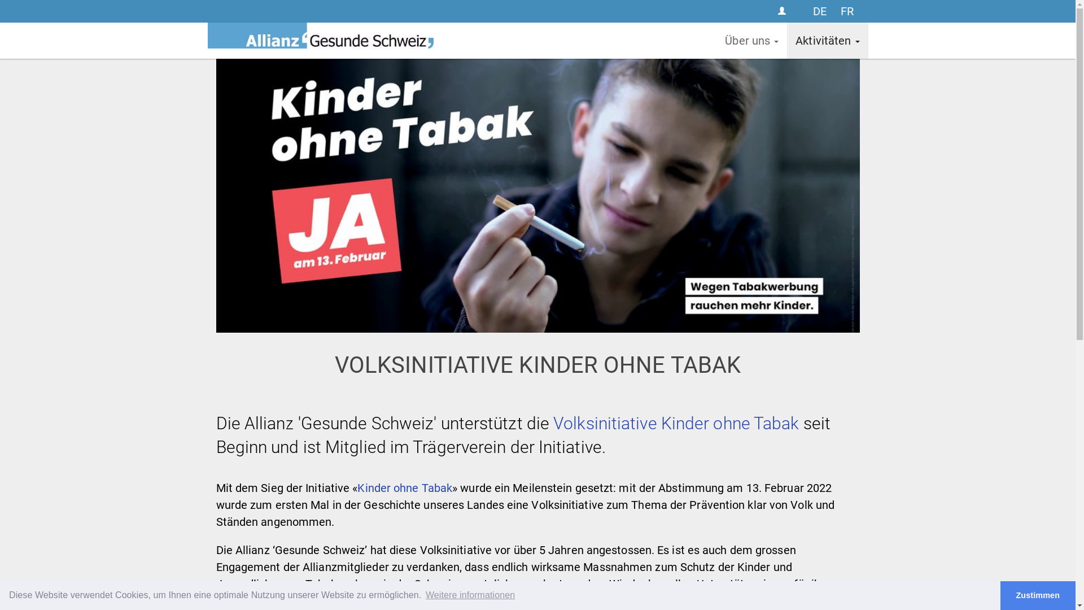 This screenshot has width=1084, height=610. What do you see at coordinates (674, 423) in the screenshot?
I see `'Volksinitiative Kinder ohne Tabak'` at bounding box center [674, 423].